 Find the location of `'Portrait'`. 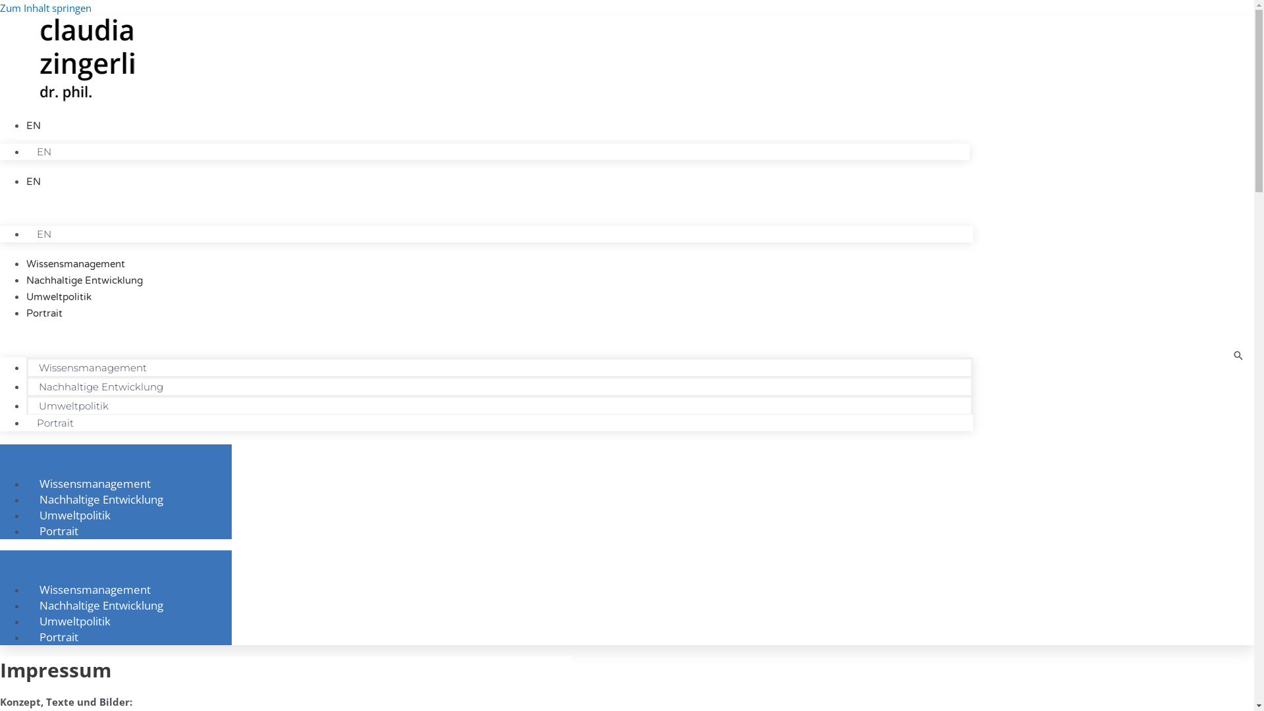

'Portrait' is located at coordinates (44, 313).